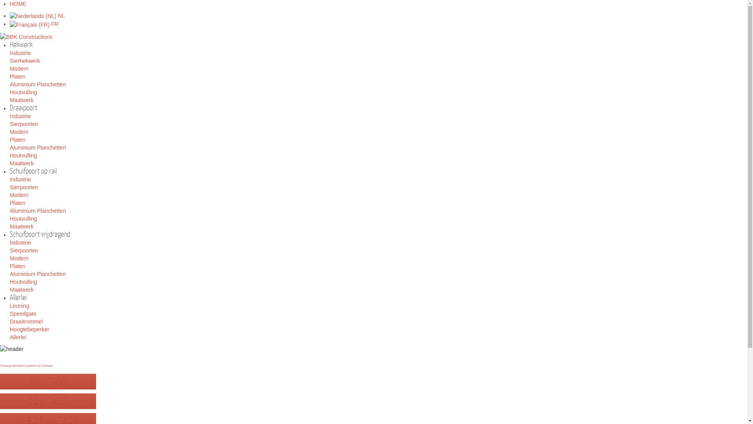 This screenshot has width=753, height=424. Describe the element at coordinates (9, 179) in the screenshot. I see `'Industrie'` at that location.